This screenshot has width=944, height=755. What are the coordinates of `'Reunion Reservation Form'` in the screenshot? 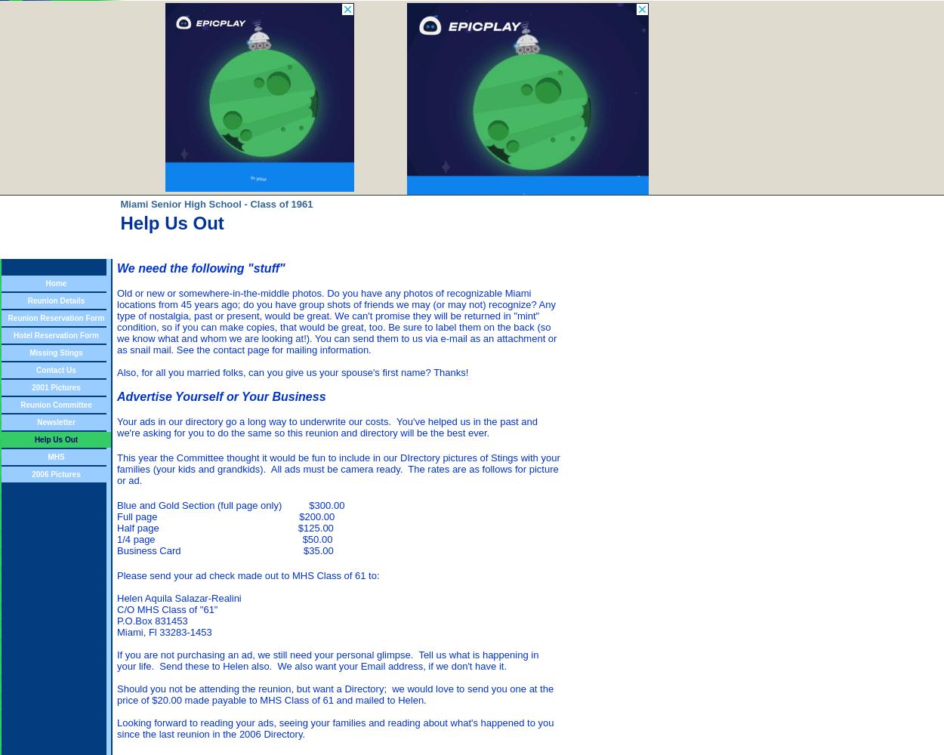 It's located at (55, 318).